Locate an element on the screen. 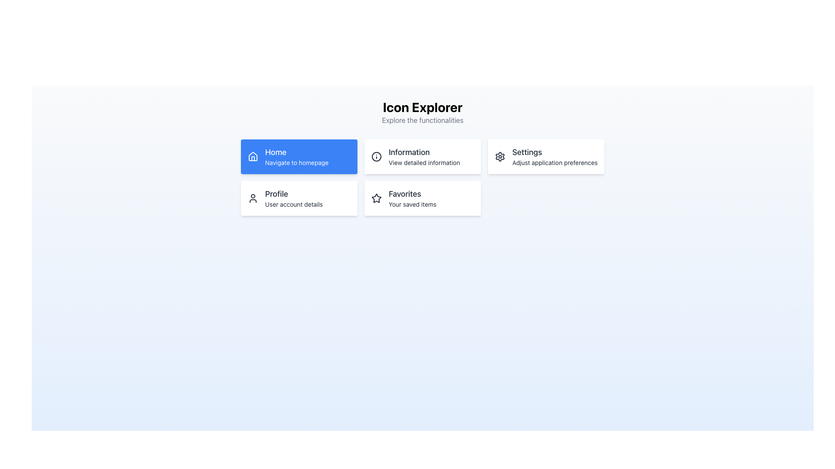 The width and height of the screenshot is (835, 469). the 'Home' navigation button icon located at the top-left corner of the blue rectangle labeled 'Home' in the first card of the grid layout is located at coordinates (252, 156).